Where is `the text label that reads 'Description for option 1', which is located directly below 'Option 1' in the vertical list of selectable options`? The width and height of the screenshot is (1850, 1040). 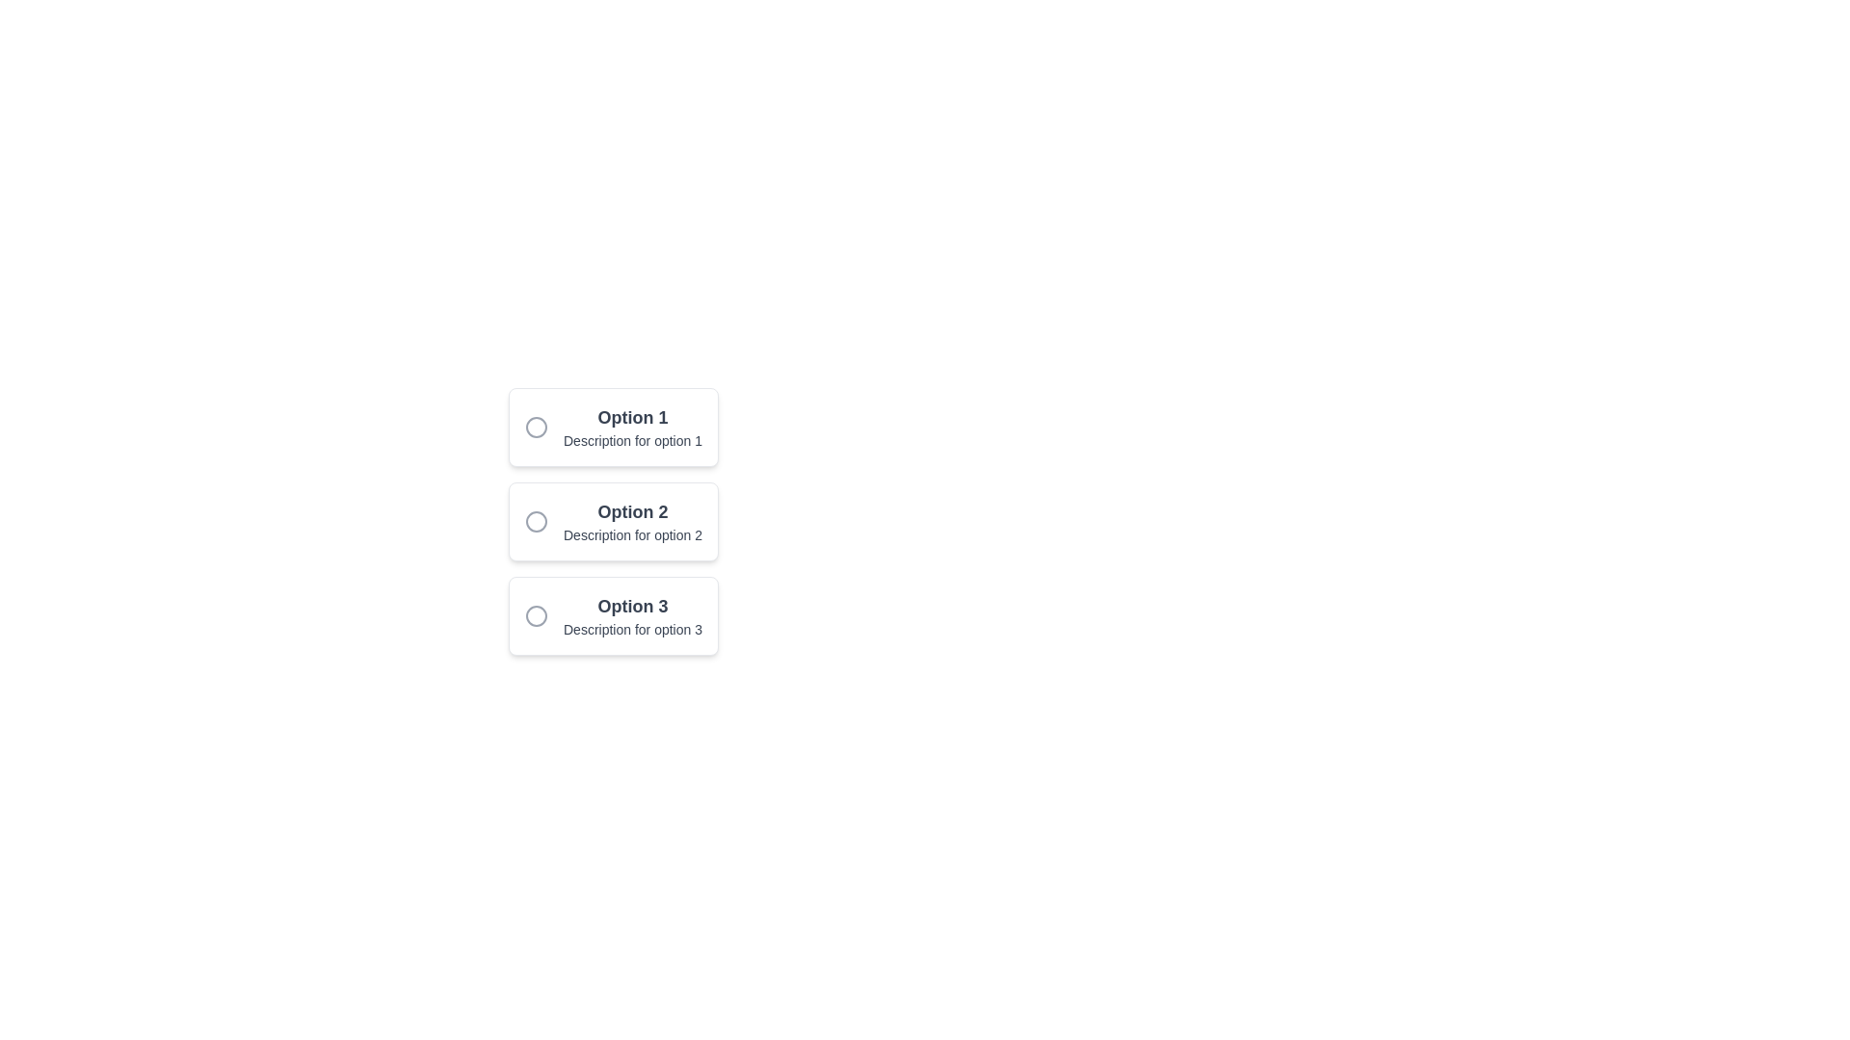 the text label that reads 'Description for option 1', which is located directly below 'Option 1' in the vertical list of selectable options is located at coordinates (633, 441).